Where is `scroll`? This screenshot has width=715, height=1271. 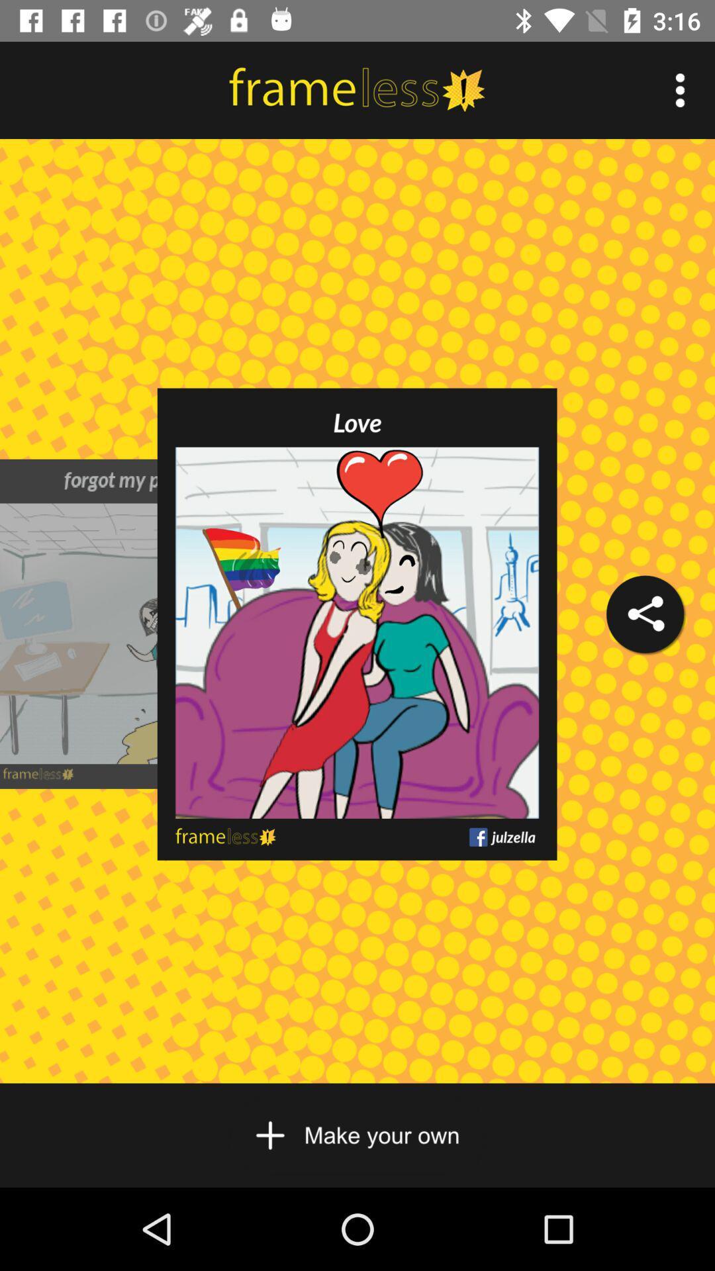
scroll is located at coordinates (356, 1135).